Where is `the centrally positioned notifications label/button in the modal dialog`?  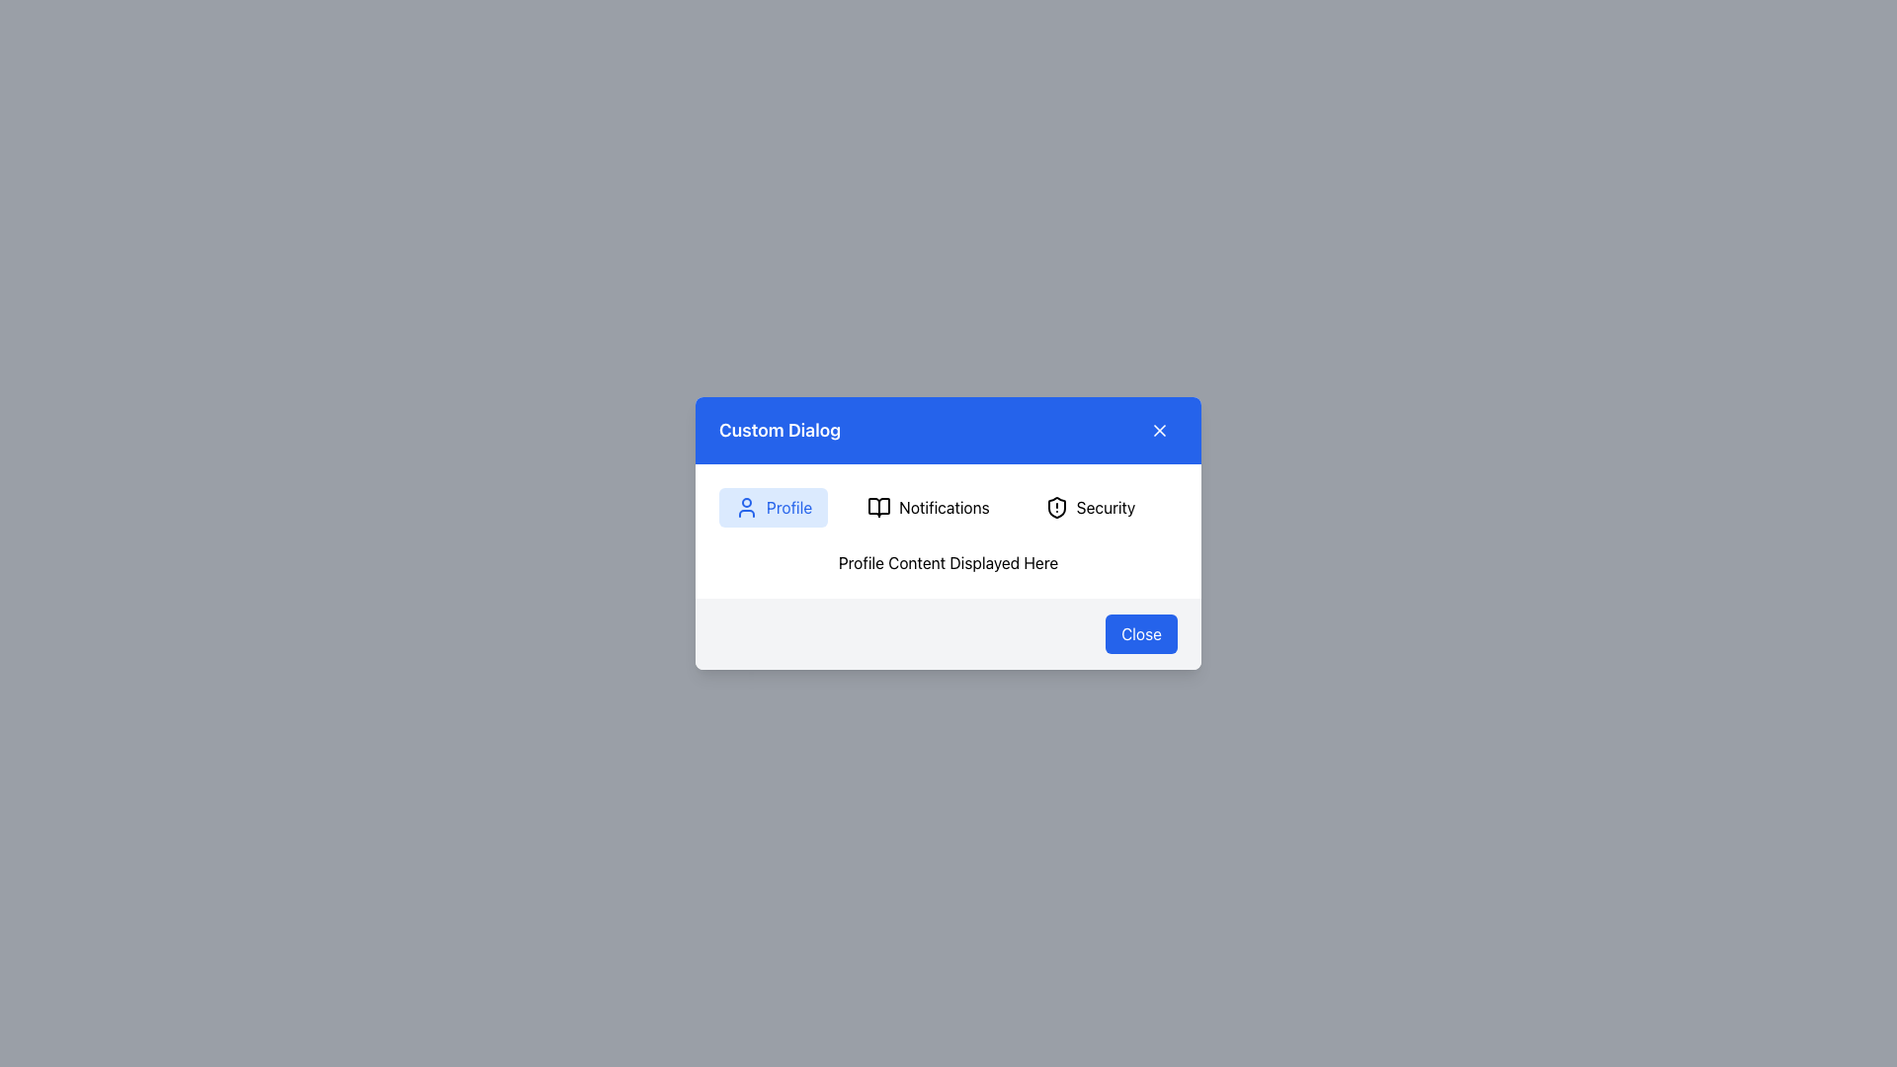
the centrally positioned notifications label/button in the modal dialog is located at coordinates (943, 506).